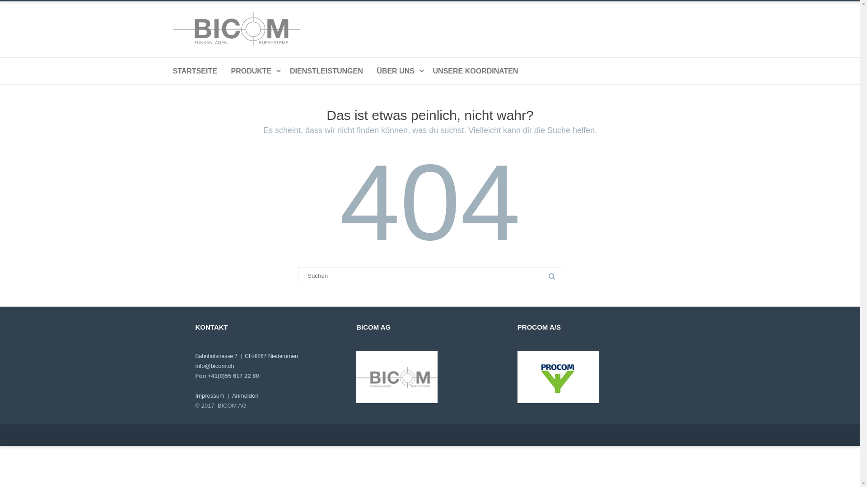 Image resolution: width=867 pixels, height=487 pixels. Describe the element at coordinates (326, 70) in the screenshot. I see `'DIENSTLEISTUNGEN'` at that location.